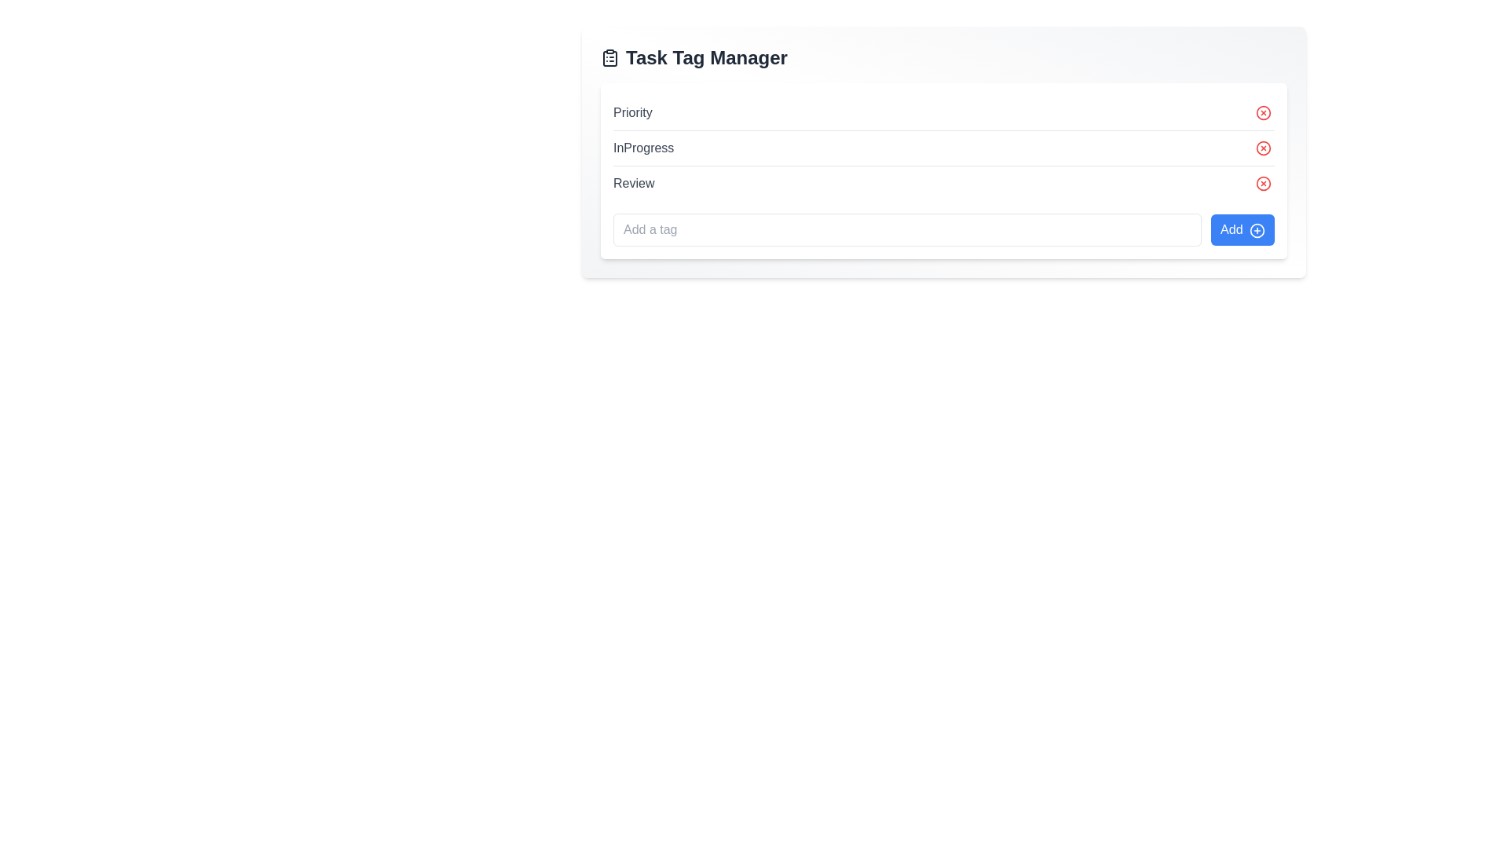 The height and width of the screenshot is (848, 1508). What do you see at coordinates (643, 148) in the screenshot?
I see `the status indicator text label located between the 'Priority' and 'Review' labels in the vertical list` at bounding box center [643, 148].